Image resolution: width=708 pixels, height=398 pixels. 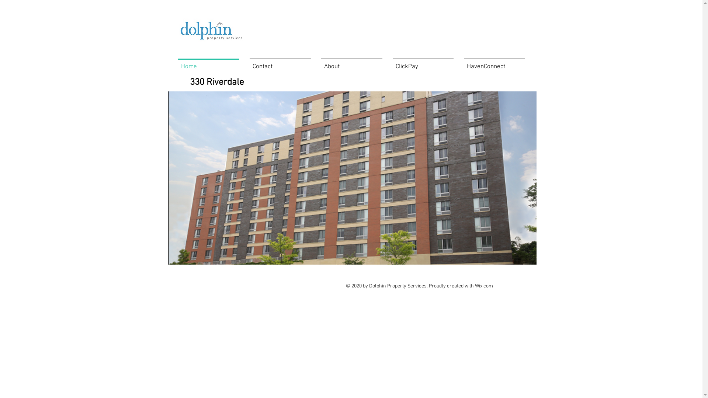 What do you see at coordinates (387, 63) in the screenshot?
I see `'ClickPay'` at bounding box center [387, 63].